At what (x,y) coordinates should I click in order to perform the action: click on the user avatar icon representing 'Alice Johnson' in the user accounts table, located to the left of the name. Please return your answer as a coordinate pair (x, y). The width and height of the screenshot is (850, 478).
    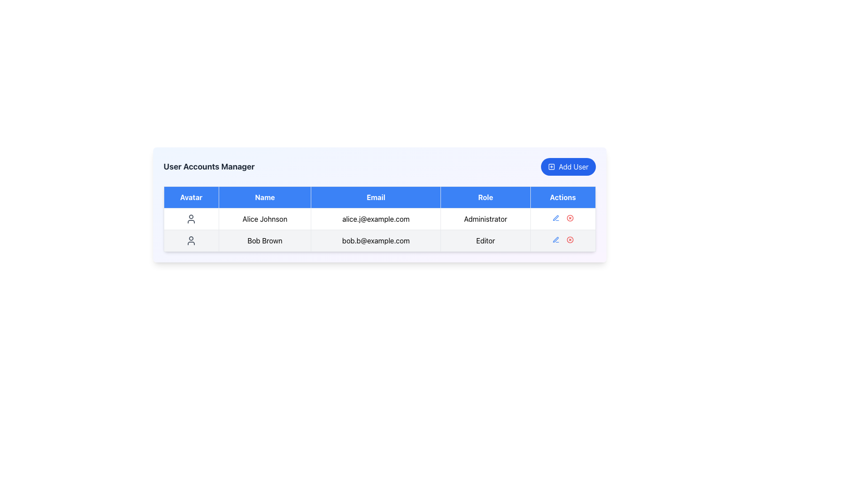
    Looking at the image, I should click on (191, 219).